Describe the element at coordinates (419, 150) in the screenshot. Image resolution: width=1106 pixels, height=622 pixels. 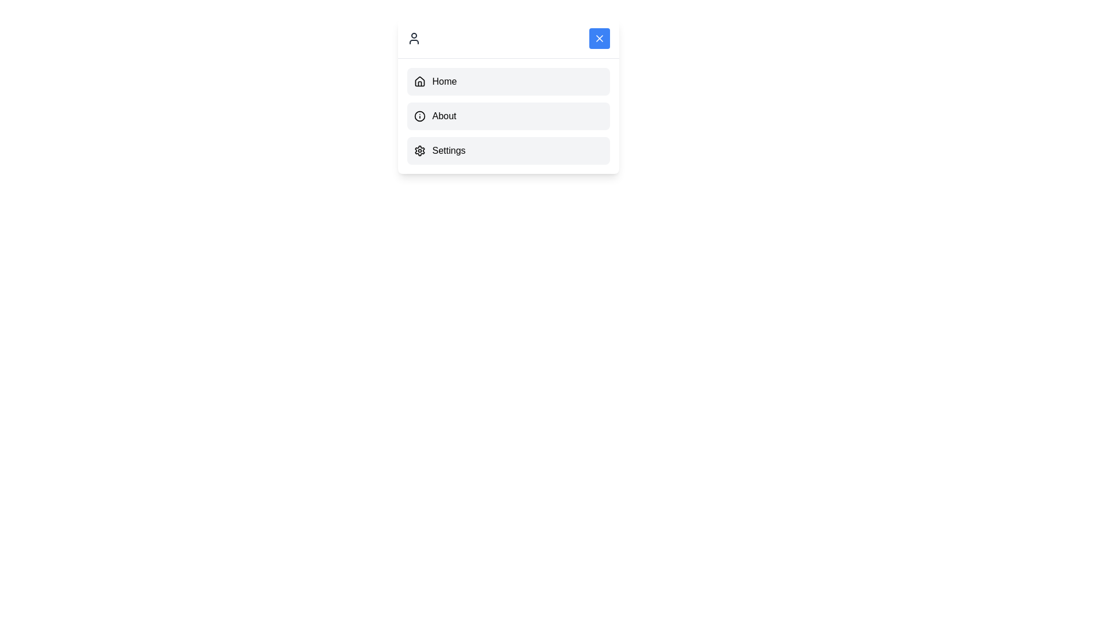
I see `the gear-shaped icon associated with the settings option` at that location.